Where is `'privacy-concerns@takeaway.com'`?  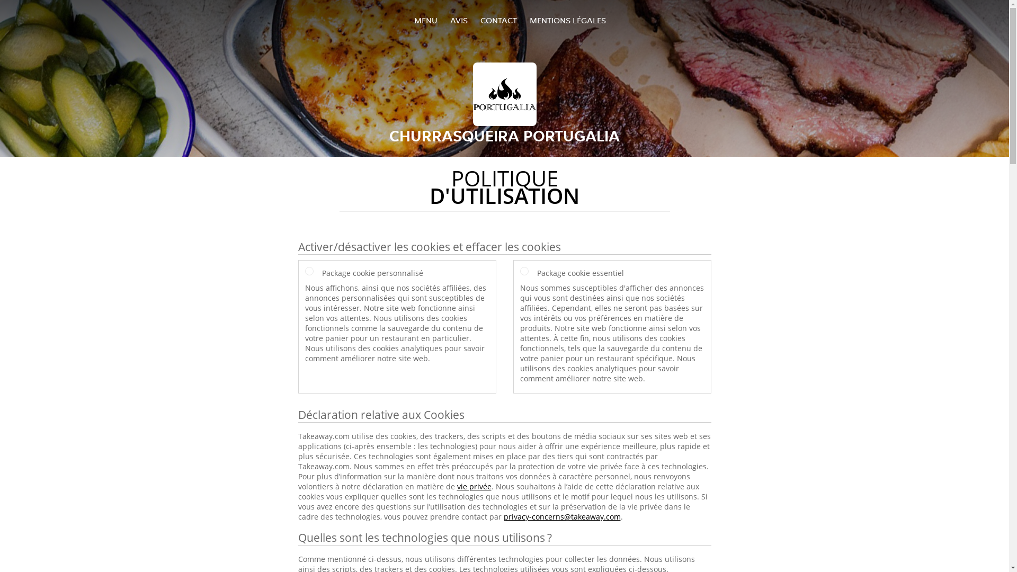
'privacy-concerns@takeaway.com' is located at coordinates (561, 516).